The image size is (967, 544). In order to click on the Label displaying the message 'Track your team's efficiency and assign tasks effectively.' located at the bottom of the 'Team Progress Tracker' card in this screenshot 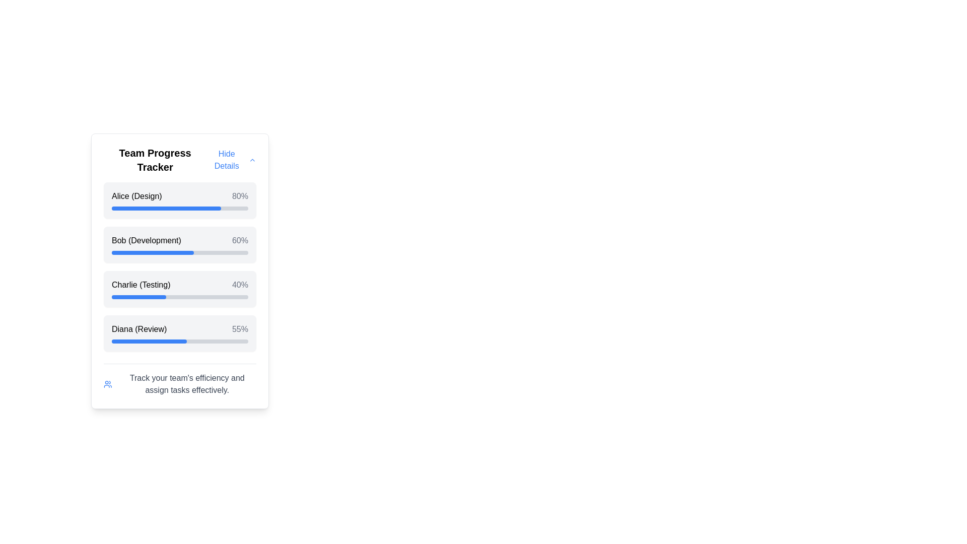, I will do `click(187, 384)`.